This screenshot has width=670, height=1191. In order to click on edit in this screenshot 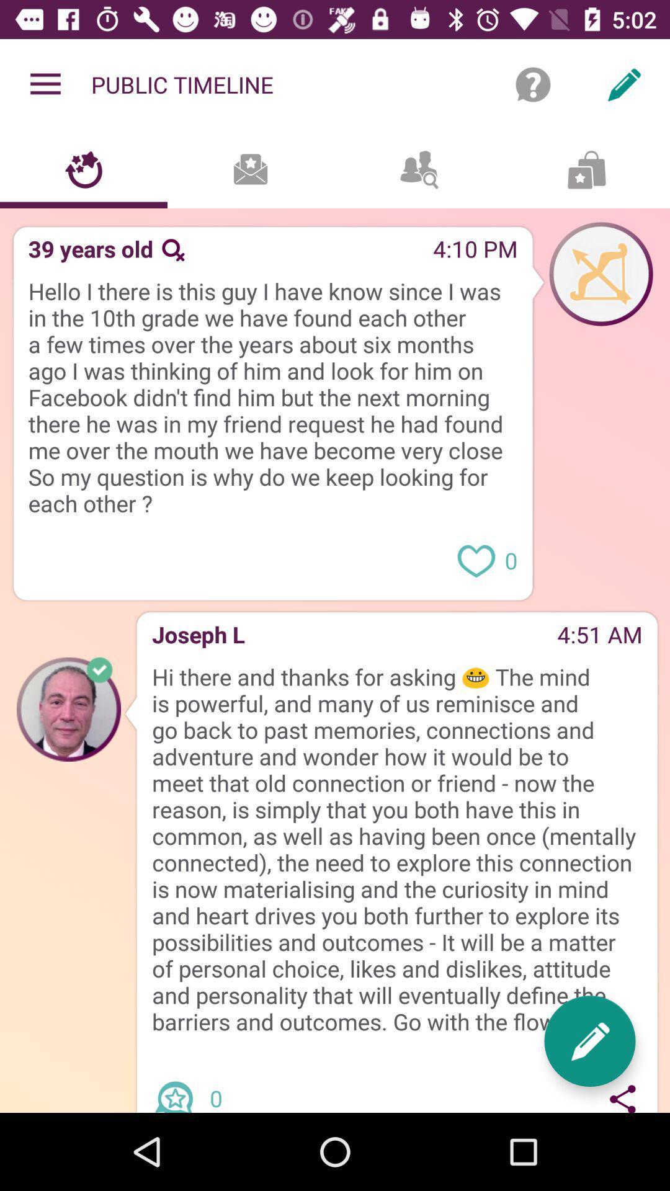, I will do `click(589, 1041)`.